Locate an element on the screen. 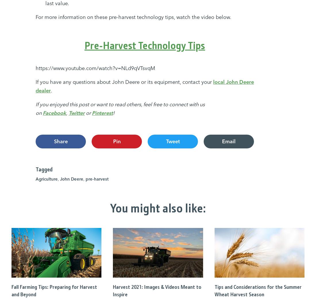 The width and height of the screenshot is (316, 300). 'Pin' is located at coordinates (117, 141).